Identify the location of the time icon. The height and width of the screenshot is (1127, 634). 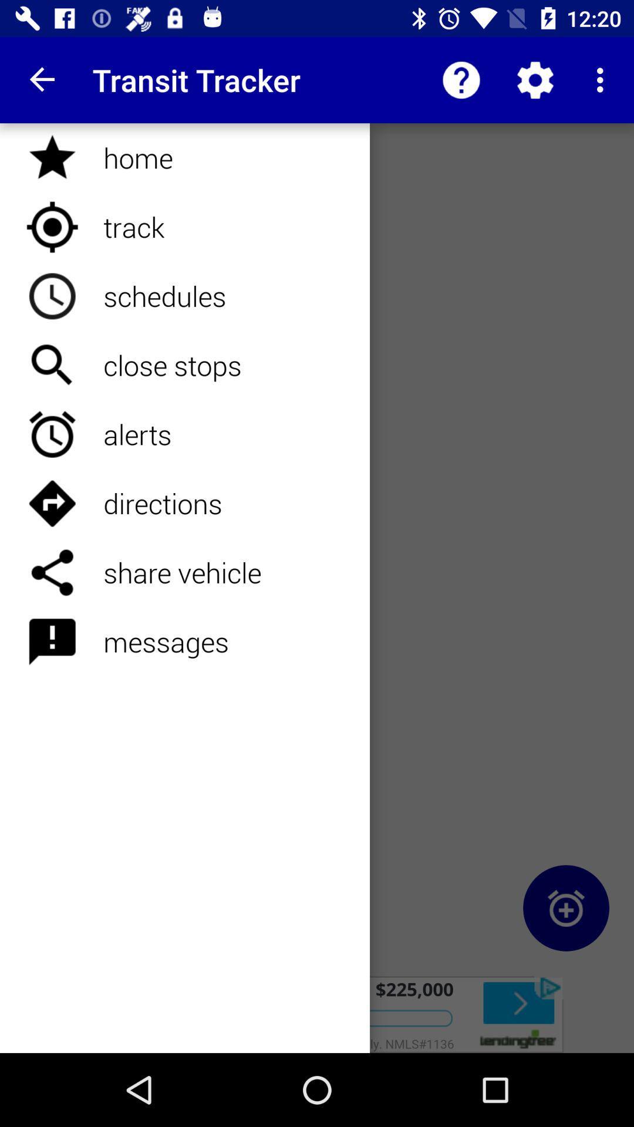
(565, 907).